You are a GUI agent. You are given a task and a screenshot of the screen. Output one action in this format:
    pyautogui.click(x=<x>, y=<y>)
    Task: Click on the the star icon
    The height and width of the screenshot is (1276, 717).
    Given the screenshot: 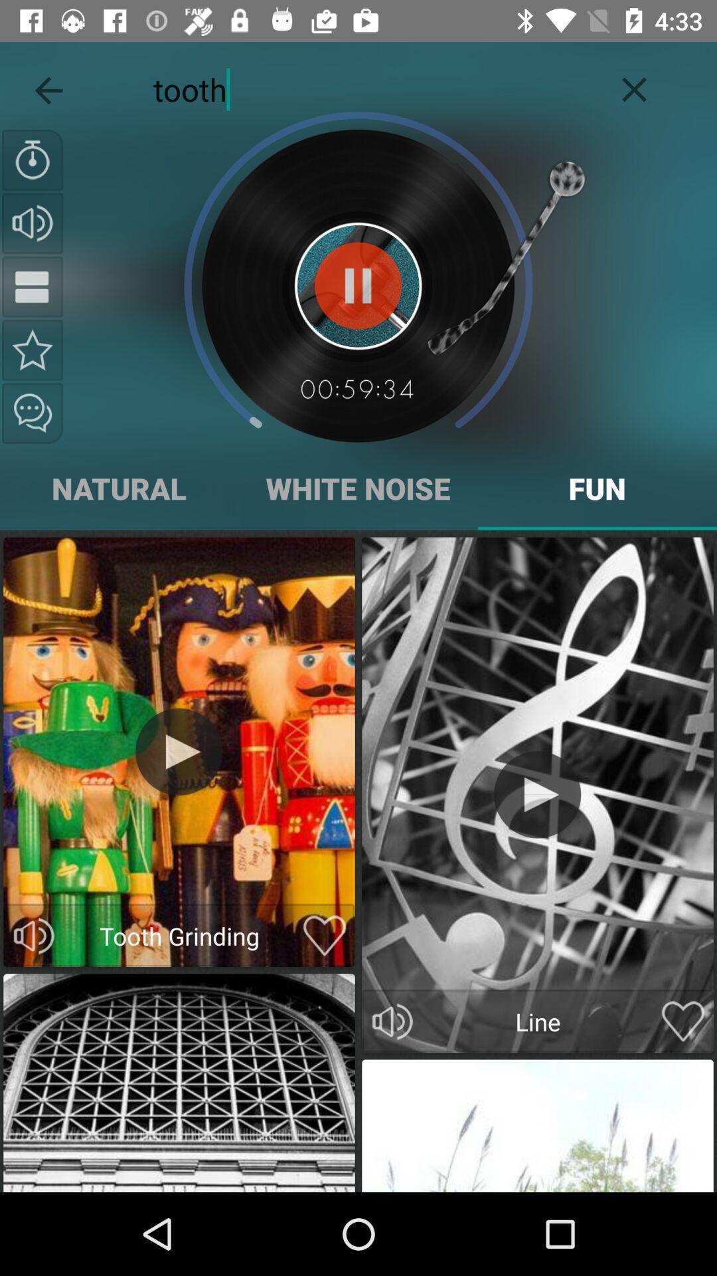 What is the action you would take?
    pyautogui.click(x=32, y=350)
    